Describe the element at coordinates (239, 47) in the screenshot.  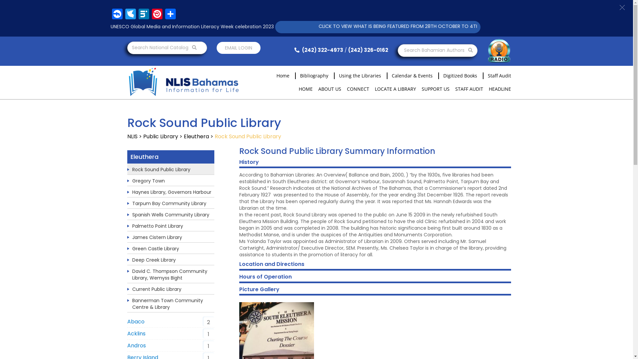
I see `'EMAIL LOGIN'` at that location.